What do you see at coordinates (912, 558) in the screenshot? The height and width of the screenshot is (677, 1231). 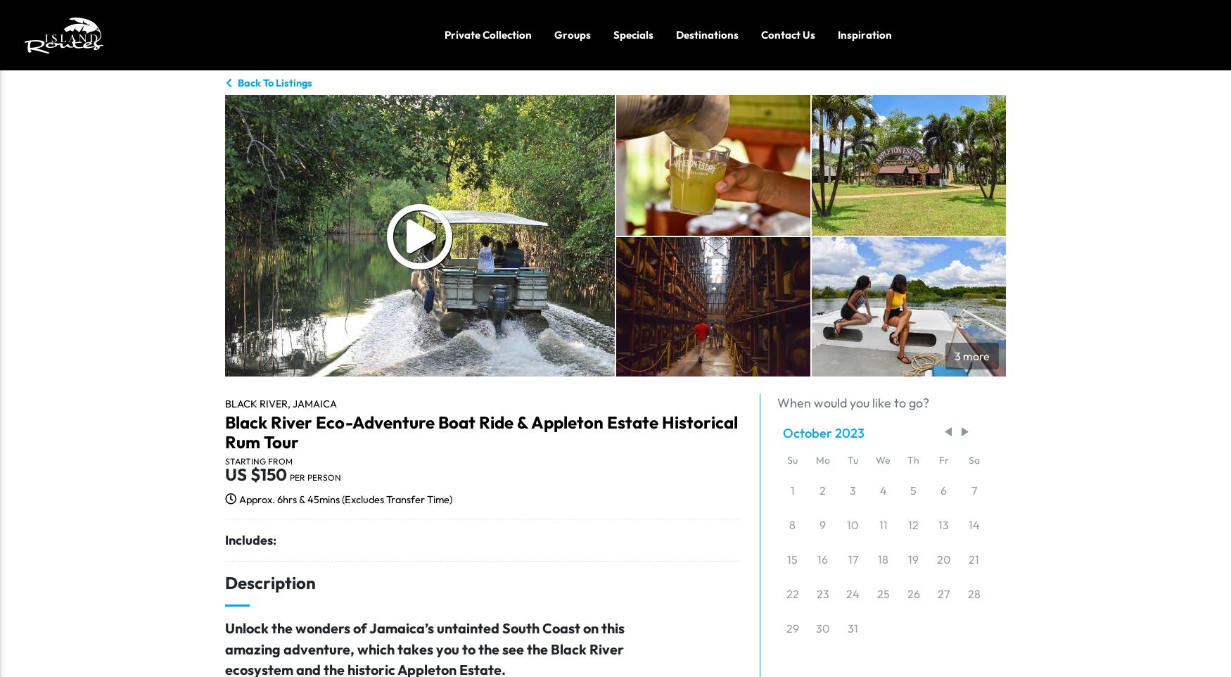 I see `'19'` at bounding box center [912, 558].